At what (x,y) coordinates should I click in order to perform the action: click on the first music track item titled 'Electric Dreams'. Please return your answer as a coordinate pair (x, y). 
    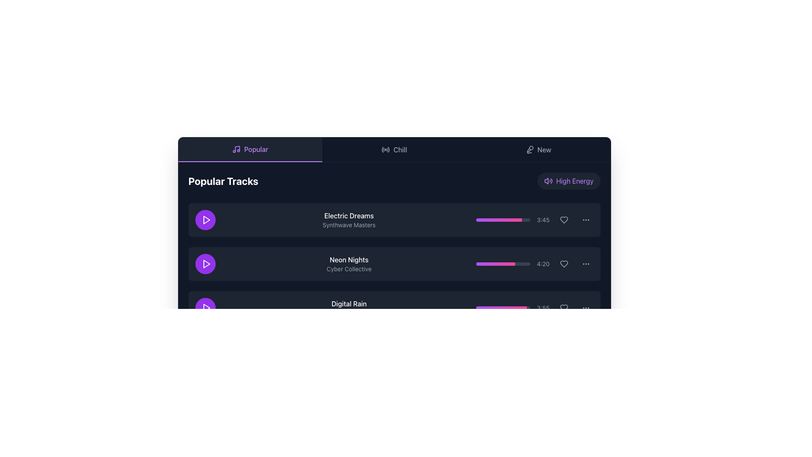
    Looking at the image, I should click on (394, 220).